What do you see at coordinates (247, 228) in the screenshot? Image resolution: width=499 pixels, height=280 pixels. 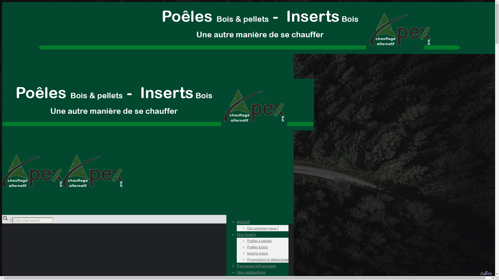 I see `'Qui sommes-nous ?'` at bounding box center [247, 228].